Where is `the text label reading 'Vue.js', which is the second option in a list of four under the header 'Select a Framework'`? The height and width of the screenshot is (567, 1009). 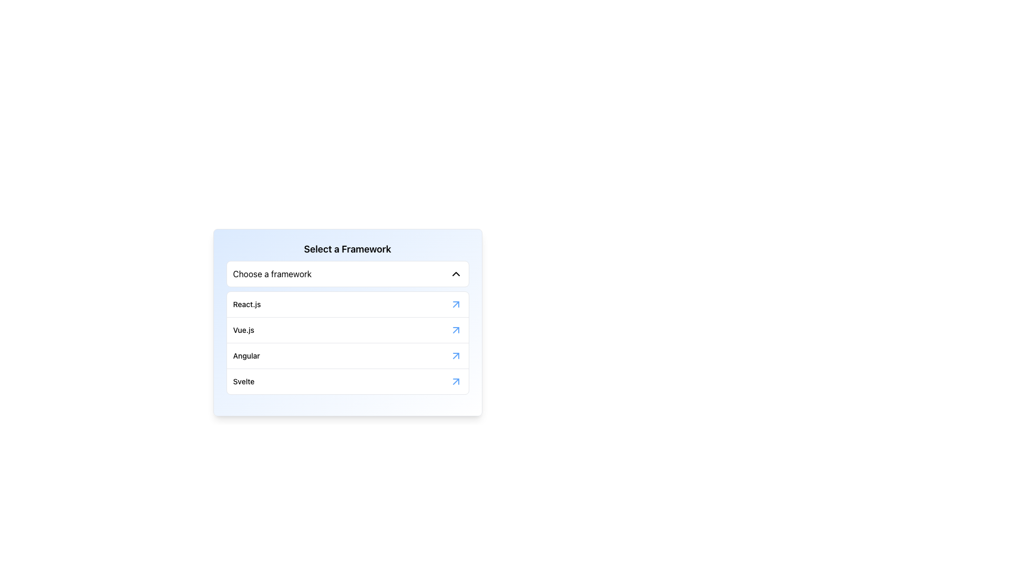 the text label reading 'Vue.js', which is the second option in a list of four under the header 'Select a Framework' is located at coordinates (243, 329).